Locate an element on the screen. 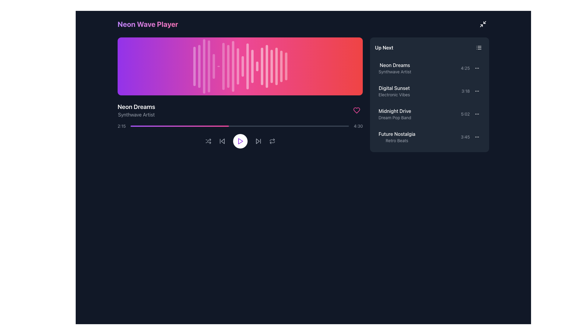 The image size is (579, 326). playback position is located at coordinates (137, 126).